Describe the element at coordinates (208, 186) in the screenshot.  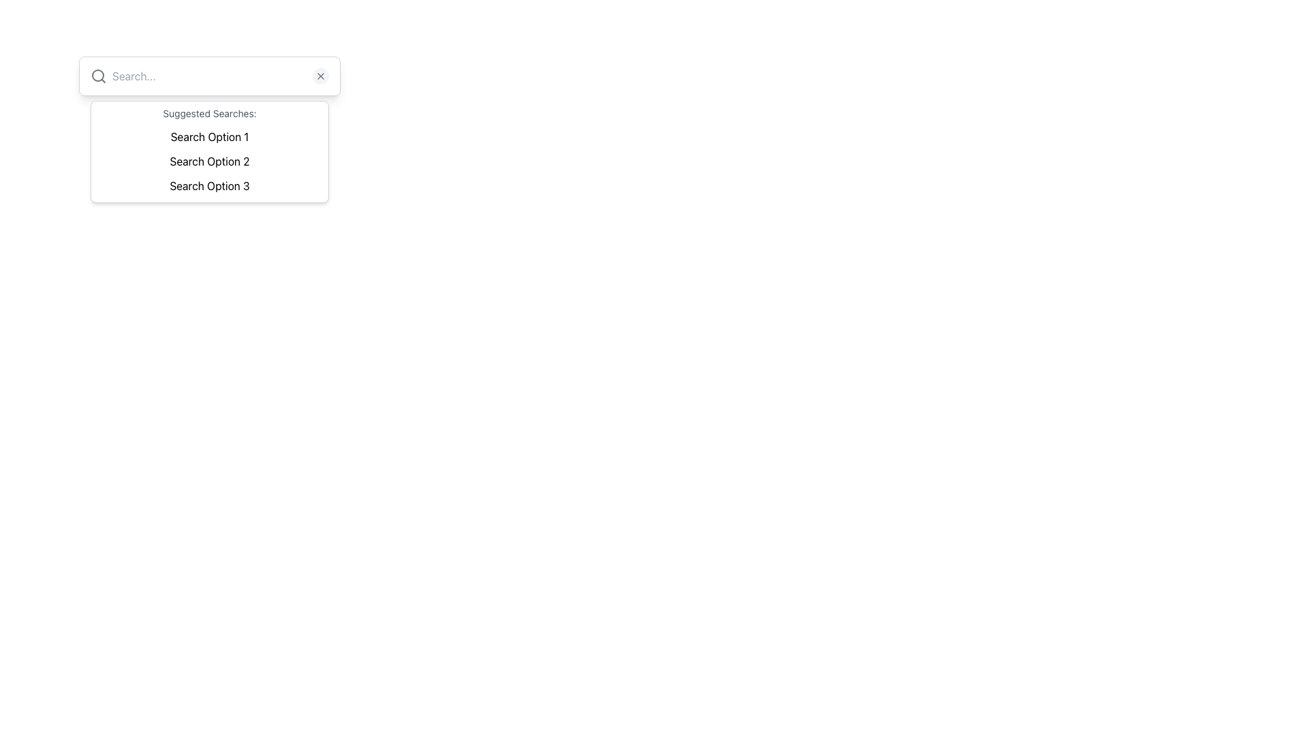
I see `the list item displaying the text 'Search Option 3'` at that location.